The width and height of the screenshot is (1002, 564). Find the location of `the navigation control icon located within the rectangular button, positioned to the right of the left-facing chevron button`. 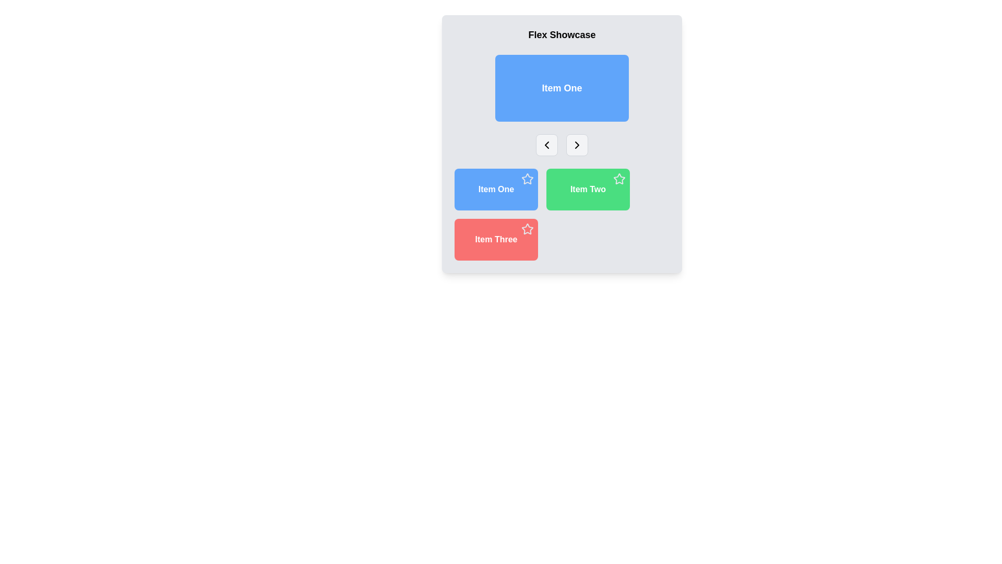

the navigation control icon located within the rectangular button, positioned to the right of the left-facing chevron button is located at coordinates (576, 145).